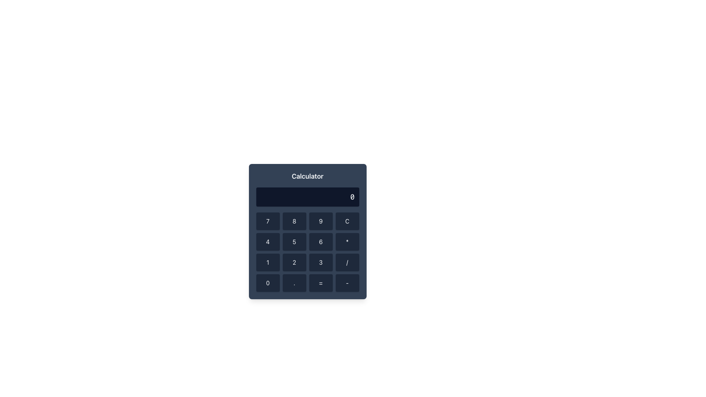 Image resolution: width=706 pixels, height=397 pixels. What do you see at coordinates (267, 283) in the screenshot?
I see `the button that inputs the value '0' in the calculator-like interface` at bounding box center [267, 283].